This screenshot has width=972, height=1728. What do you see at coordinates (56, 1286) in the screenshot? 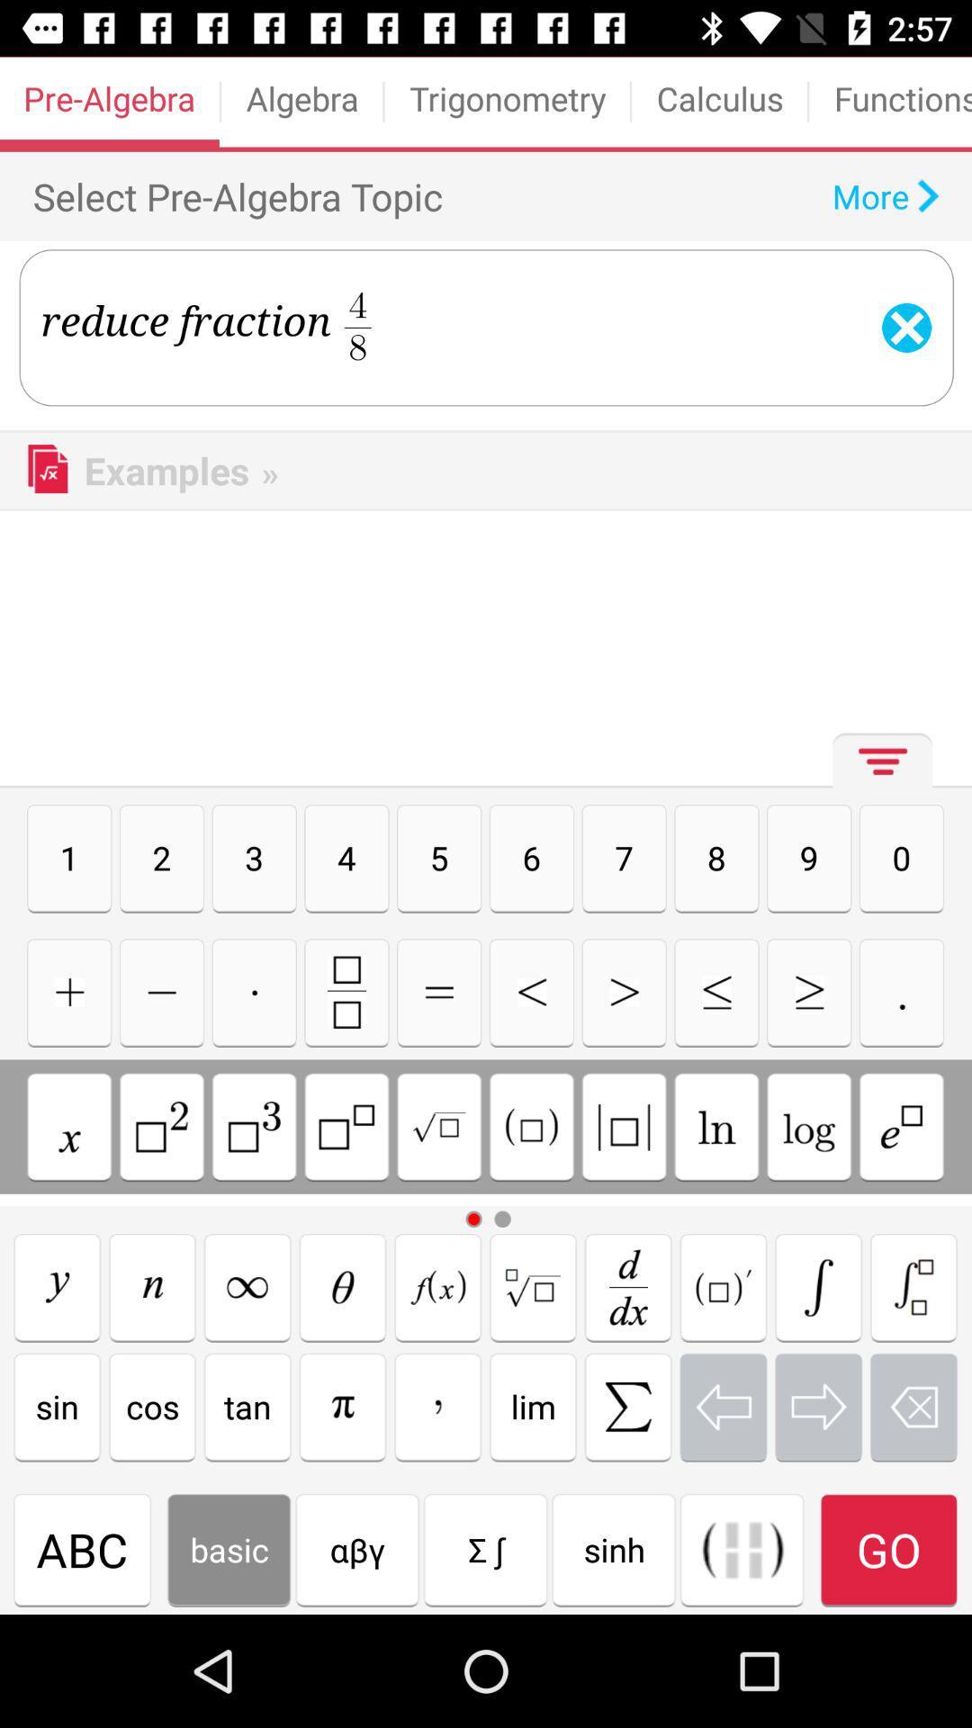
I see `math function` at bounding box center [56, 1286].